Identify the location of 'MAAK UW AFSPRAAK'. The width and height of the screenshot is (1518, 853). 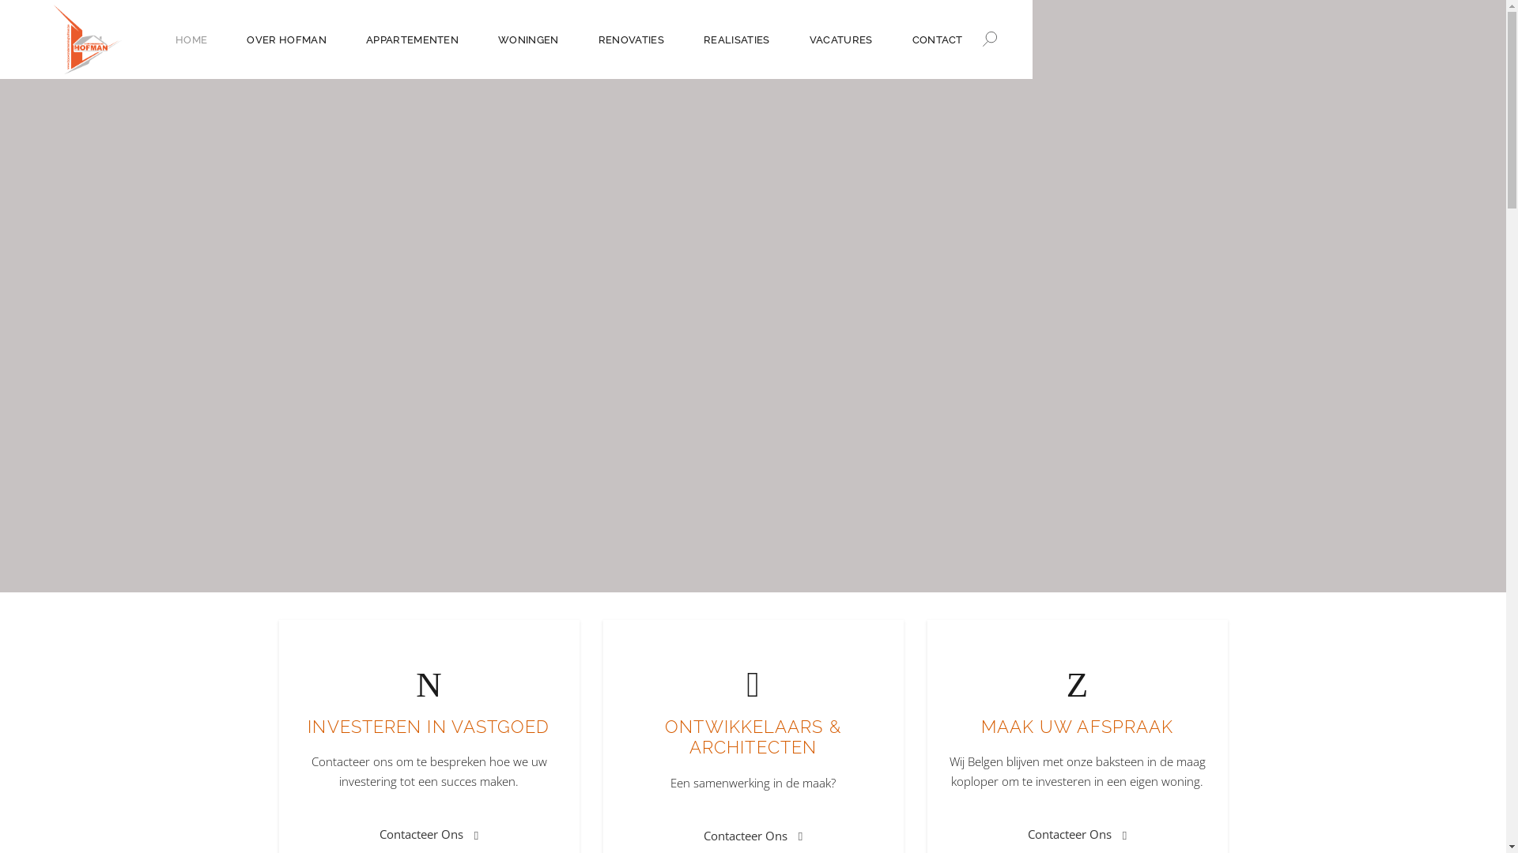
(980, 727).